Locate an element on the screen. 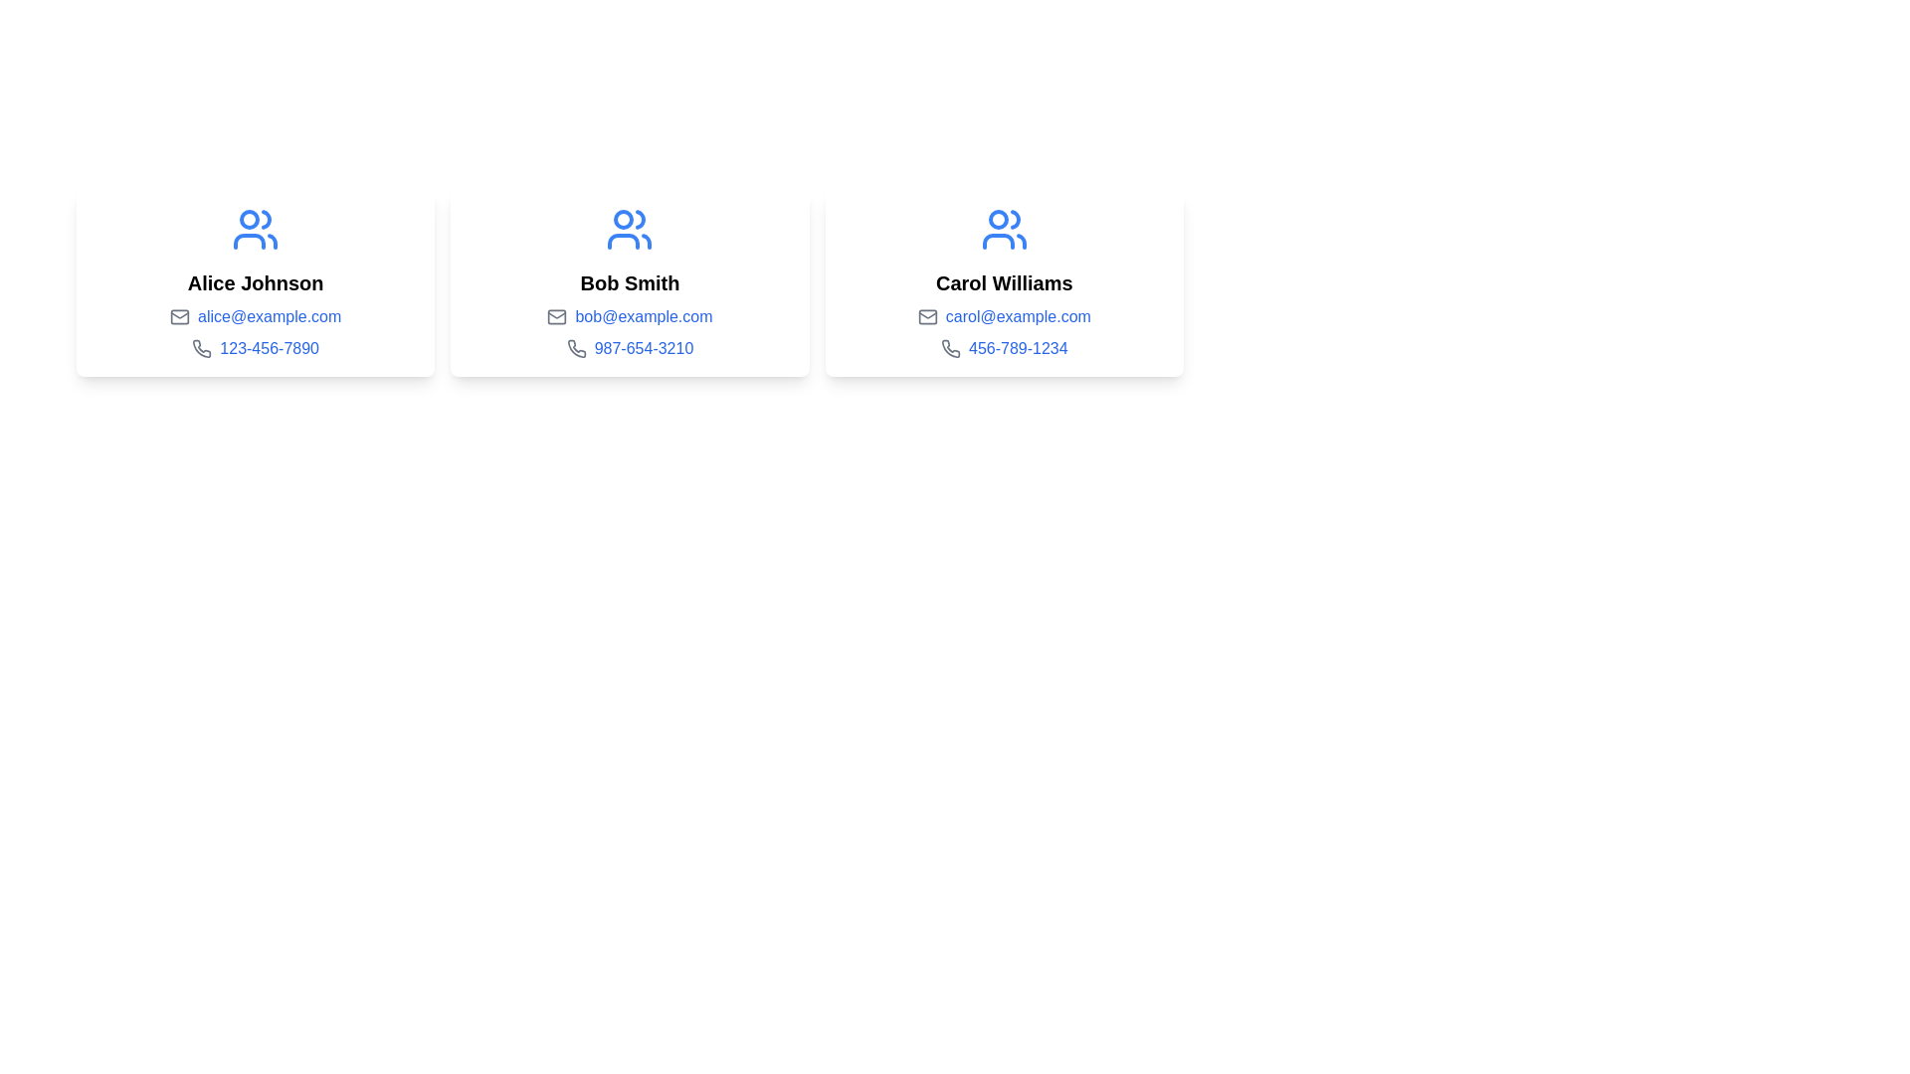 This screenshot has width=1910, height=1074. the email icon representing 'alice@example.com', situated to the left of the text 'alice@example.com' and below 'Alice Johnson' is located at coordinates (180, 316).